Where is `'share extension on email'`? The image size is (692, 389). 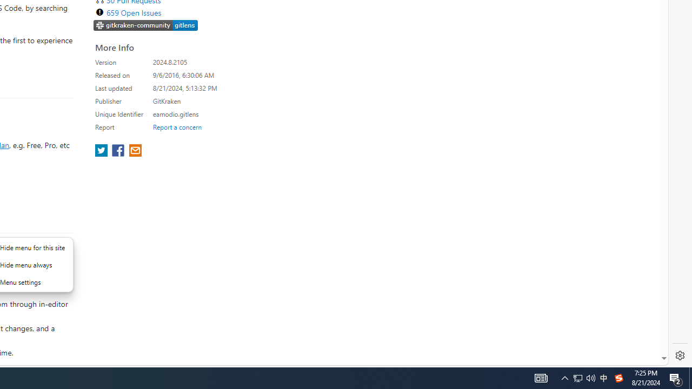 'share extension on email' is located at coordinates (134, 151).